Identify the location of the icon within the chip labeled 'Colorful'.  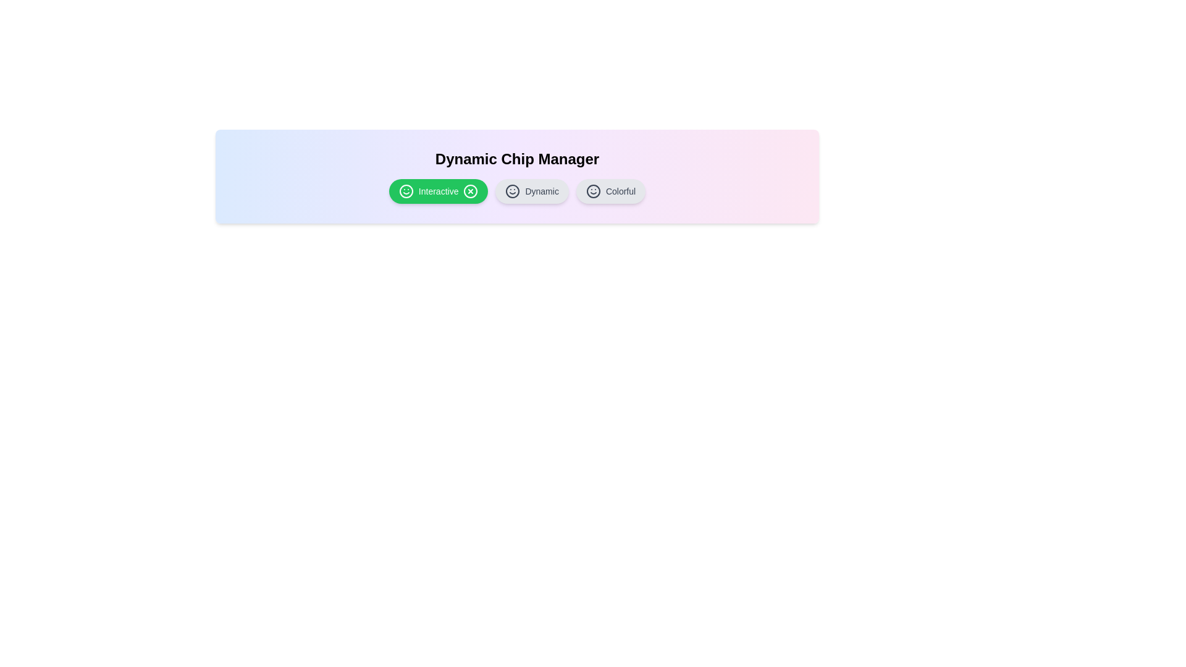
(593, 191).